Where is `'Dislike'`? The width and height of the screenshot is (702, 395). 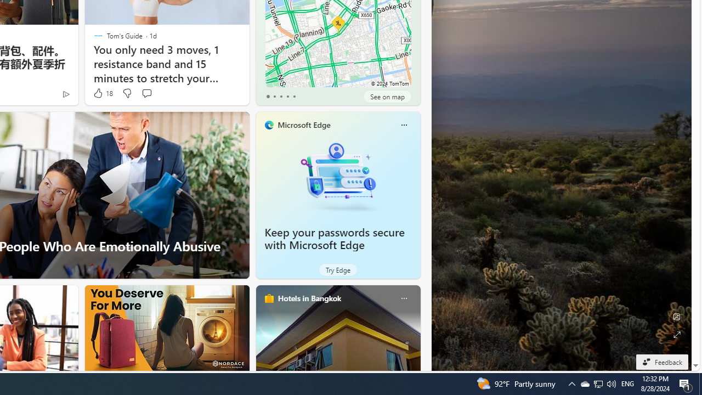
'Dislike' is located at coordinates (127, 93).